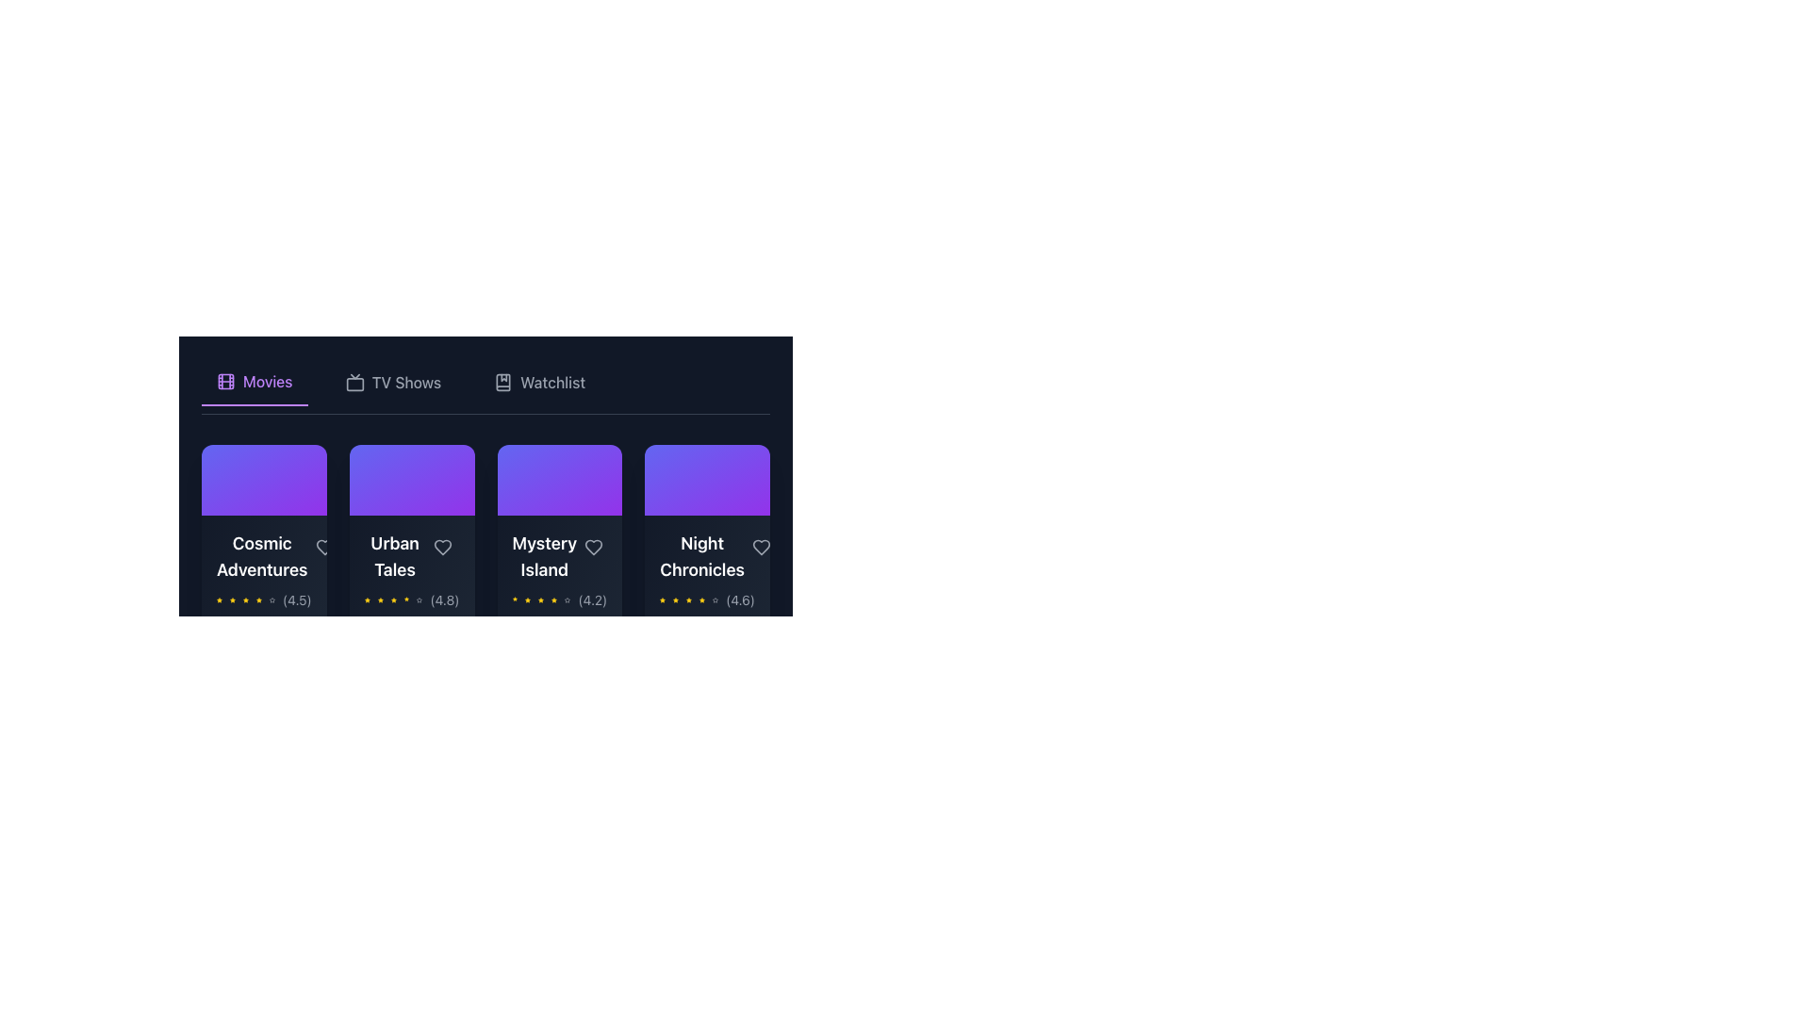 This screenshot has width=1810, height=1018. I want to click on the heart icon button located in the bottom-right corner of the 'Cosmic Adventures' item card, so click(324, 547).